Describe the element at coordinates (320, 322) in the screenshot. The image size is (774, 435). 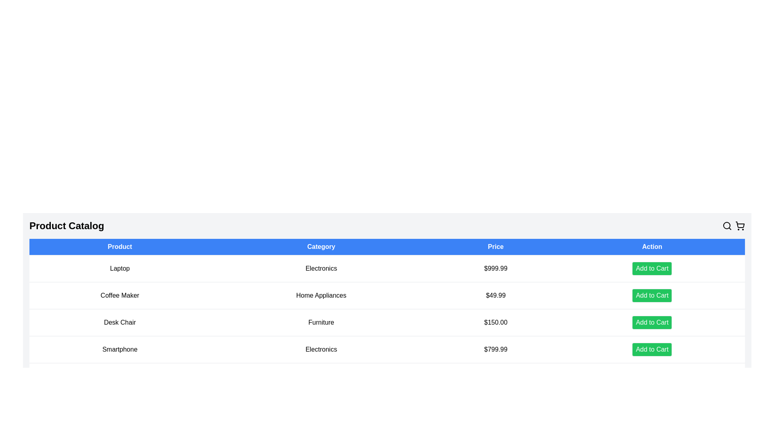
I see `text label displaying 'Furniture' in black font, located in the third row of the table under the 'Category' column, adjacent to 'Desk Chair' and '$150.00'` at that location.